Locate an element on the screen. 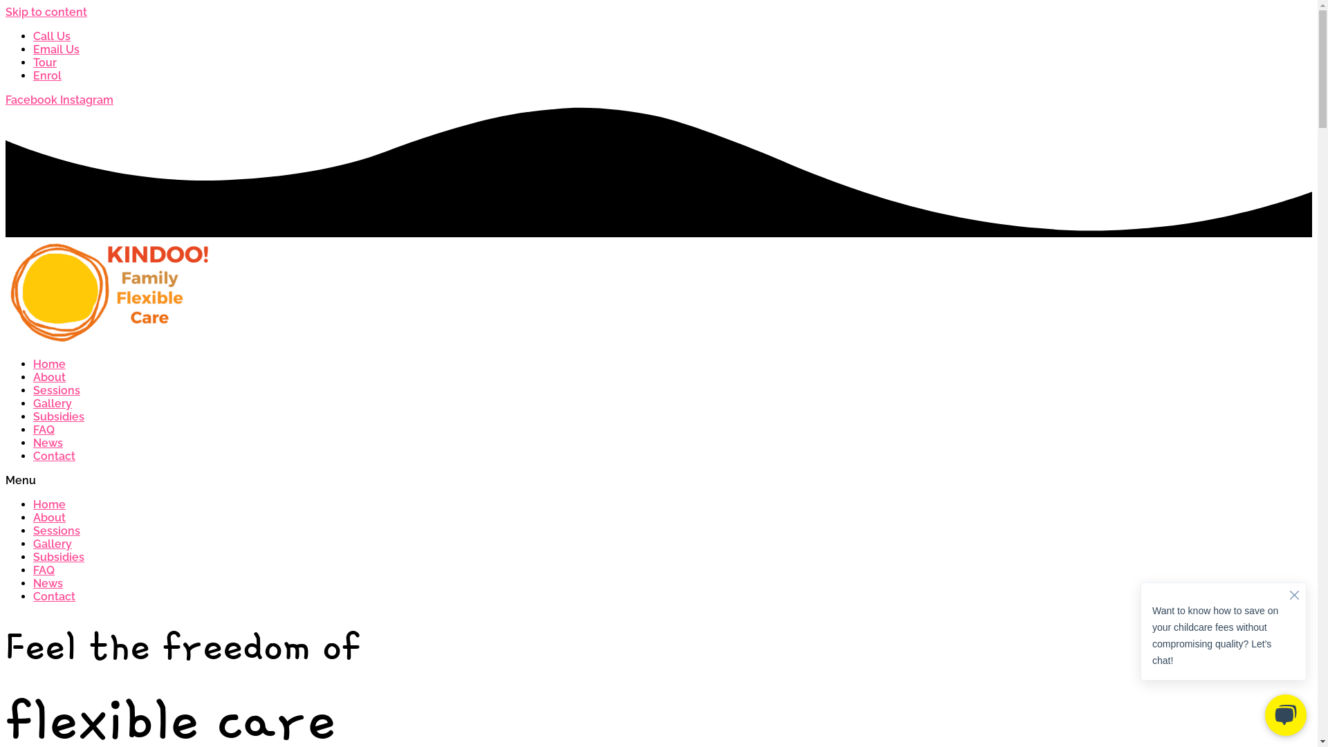 Image resolution: width=1328 pixels, height=747 pixels. 'Sessions' is located at coordinates (55, 530).